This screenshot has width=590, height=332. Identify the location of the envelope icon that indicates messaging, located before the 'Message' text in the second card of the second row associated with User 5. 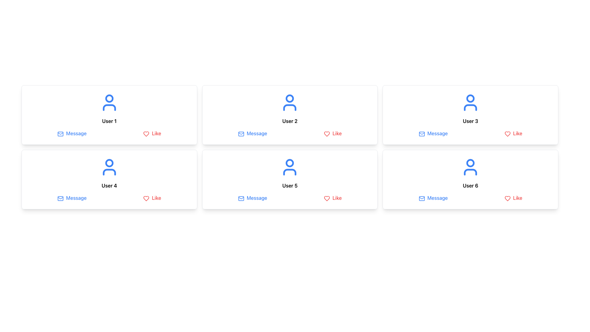
(241, 198).